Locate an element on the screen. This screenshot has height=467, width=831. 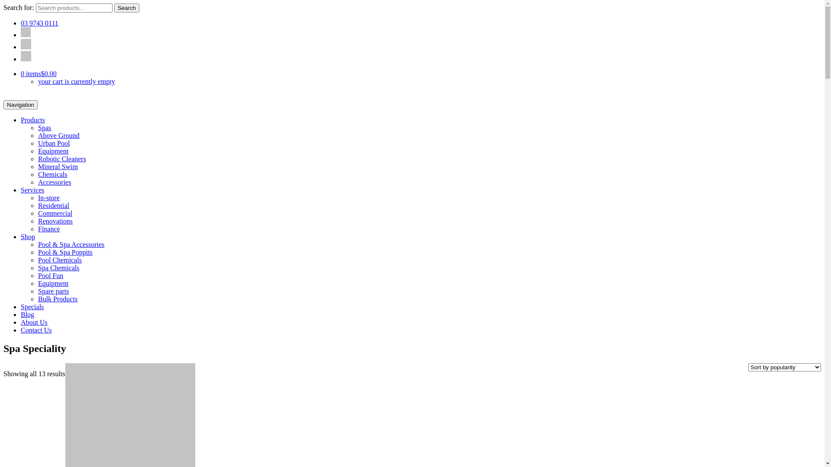
'Pool Fun' is located at coordinates (50, 275).